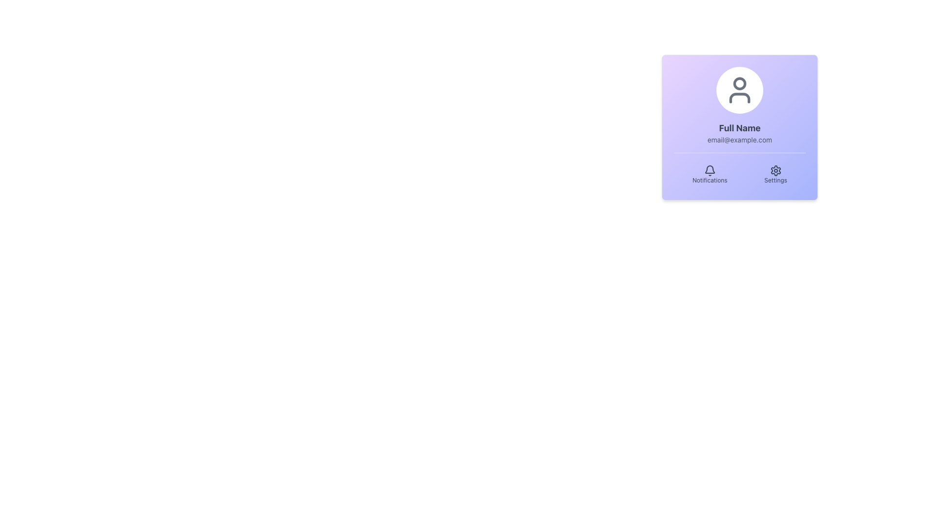  Describe the element at coordinates (775, 174) in the screenshot. I see `the 'Settings' button, which features a gear icon and the label 'Settings' in gray tones on a light purple background, located at the bottom right of the card layout` at that location.